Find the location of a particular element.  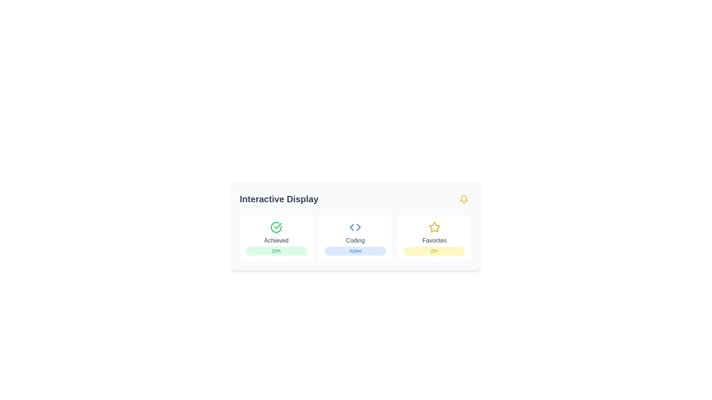

the 'Active' text label styled as a small tag, which is displayed in blue against a light blue rectangular background with rounded corners, located within the bottom section of the 'Coding' card is located at coordinates (355, 251).